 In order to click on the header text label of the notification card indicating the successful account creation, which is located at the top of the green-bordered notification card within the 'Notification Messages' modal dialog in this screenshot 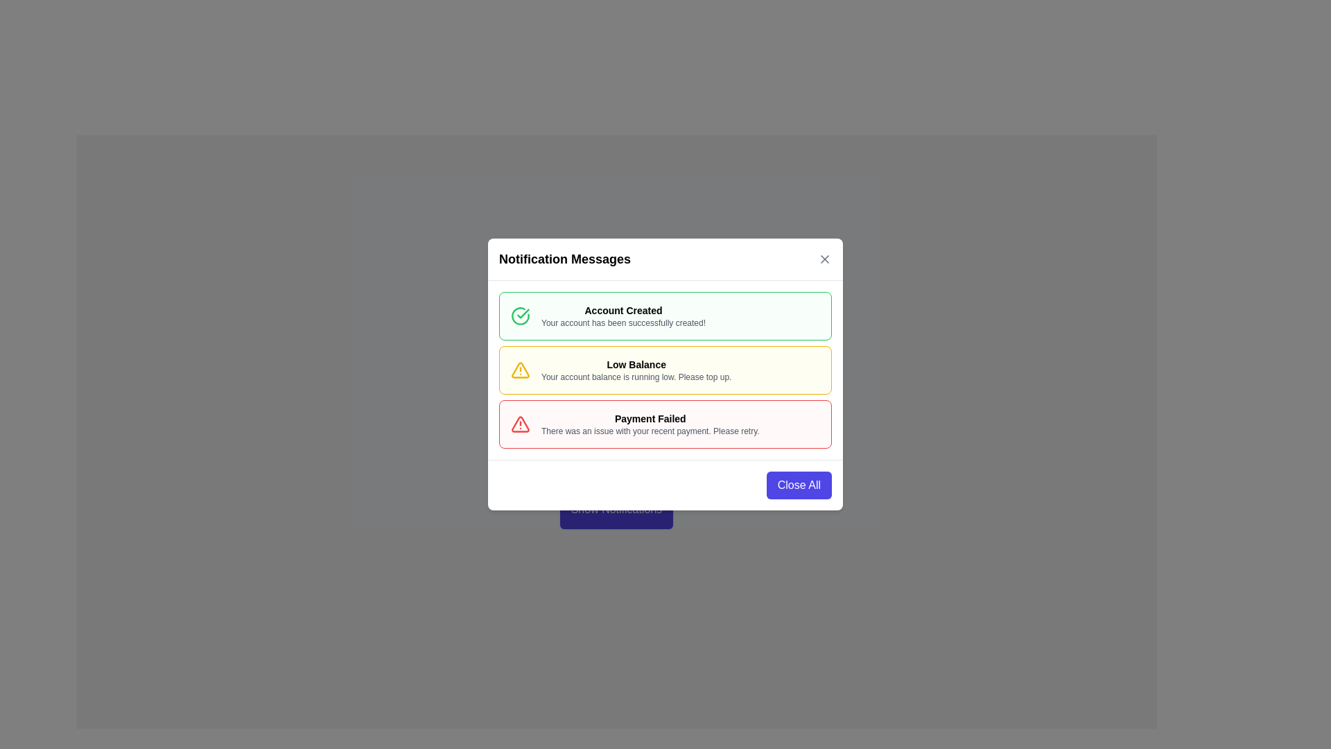, I will do `click(623, 309)`.